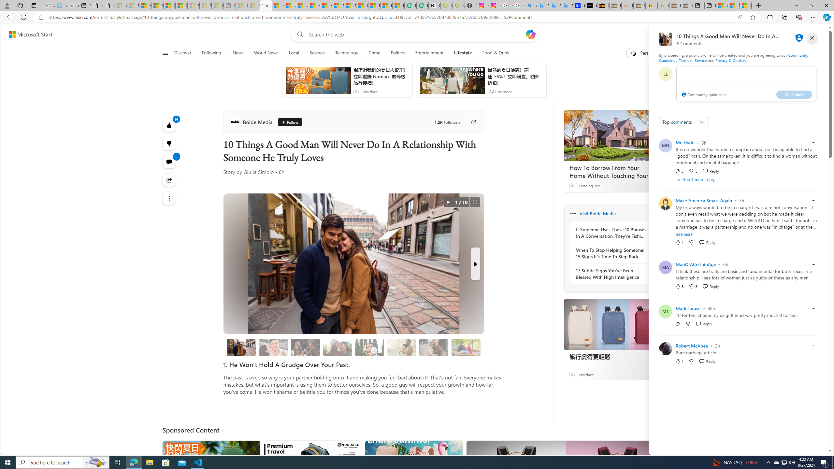  Describe the element at coordinates (169, 161) in the screenshot. I see `'View comments 6 Comment'` at that location.